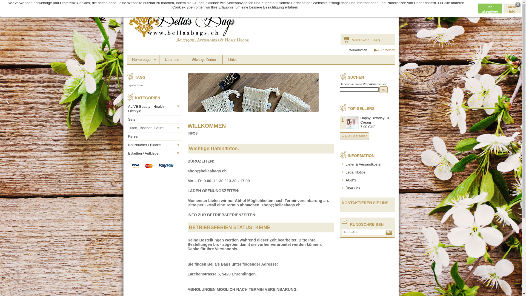 The width and height of the screenshot is (526, 296). What do you see at coordinates (367, 172) in the screenshot?
I see `'Legal Notice'` at bounding box center [367, 172].